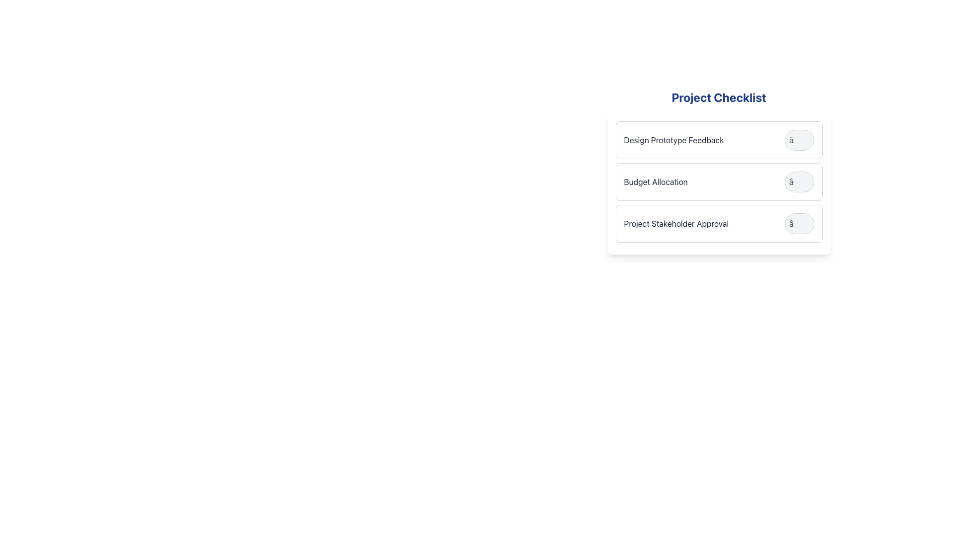 This screenshot has height=537, width=955. What do you see at coordinates (673, 140) in the screenshot?
I see `the 'Design Prototype Feedback' text label in the first item of the Project Checklist to trigger hover effects` at bounding box center [673, 140].